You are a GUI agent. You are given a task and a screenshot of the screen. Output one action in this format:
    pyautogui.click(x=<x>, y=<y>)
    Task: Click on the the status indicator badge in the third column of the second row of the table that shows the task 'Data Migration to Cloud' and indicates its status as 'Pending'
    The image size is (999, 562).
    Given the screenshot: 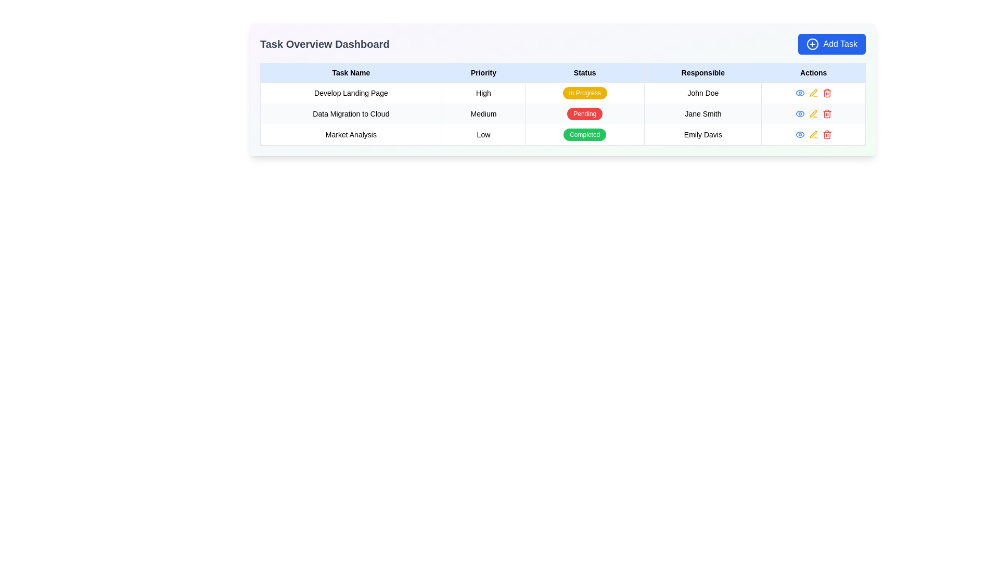 What is the action you would take?
    pyautogui.click(x=585, y=114)
    